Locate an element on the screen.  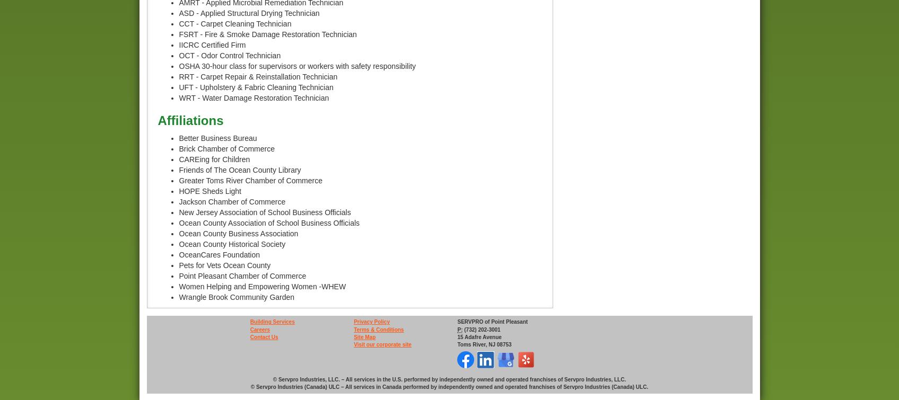
'Friends of The Ocean County Library' is located at coordinates (240, 170).